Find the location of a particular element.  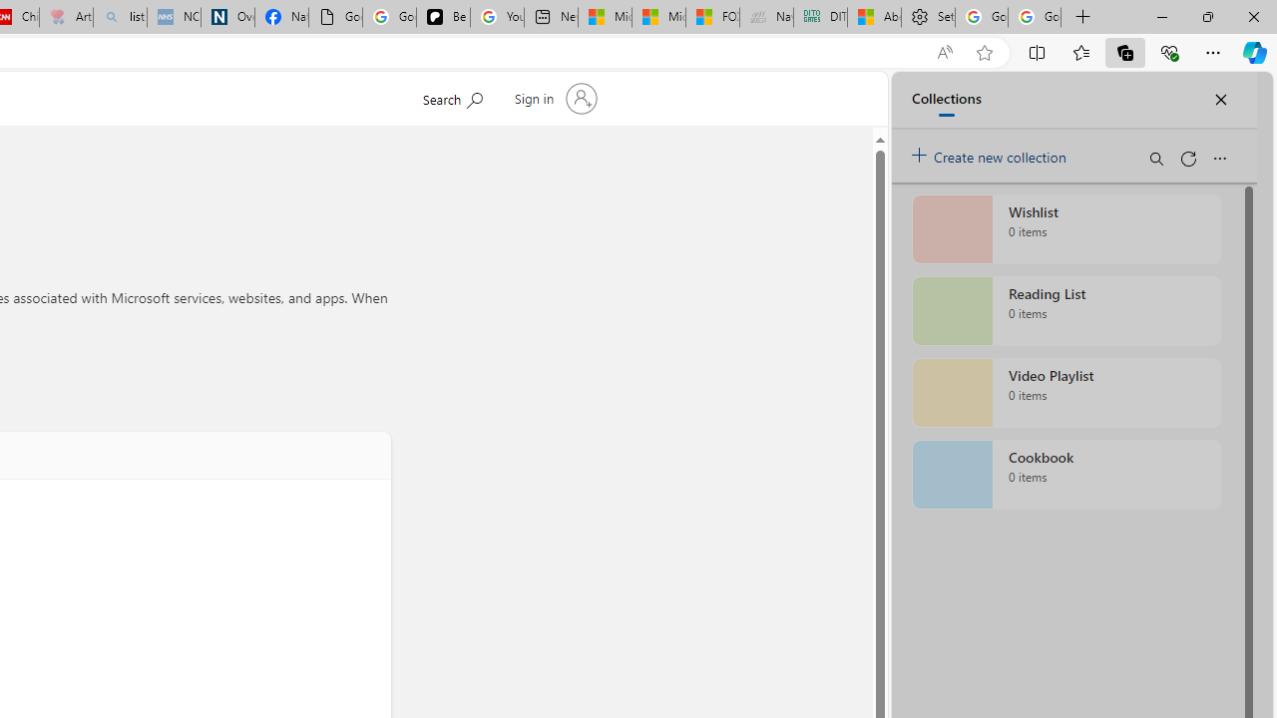

'Be Smart | creating Science videos | Patreon' is located at coordinates (442, 17).